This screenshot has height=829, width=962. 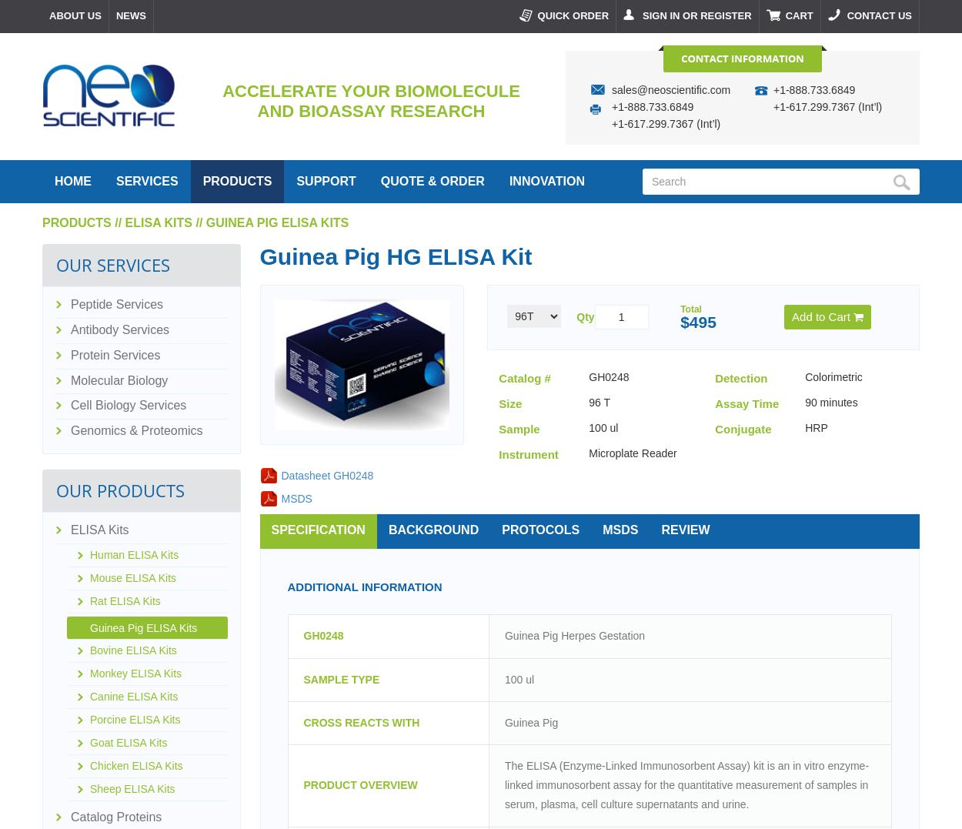 I want to click on 'Goat ELISA Kits', so click(x=89, y=742).